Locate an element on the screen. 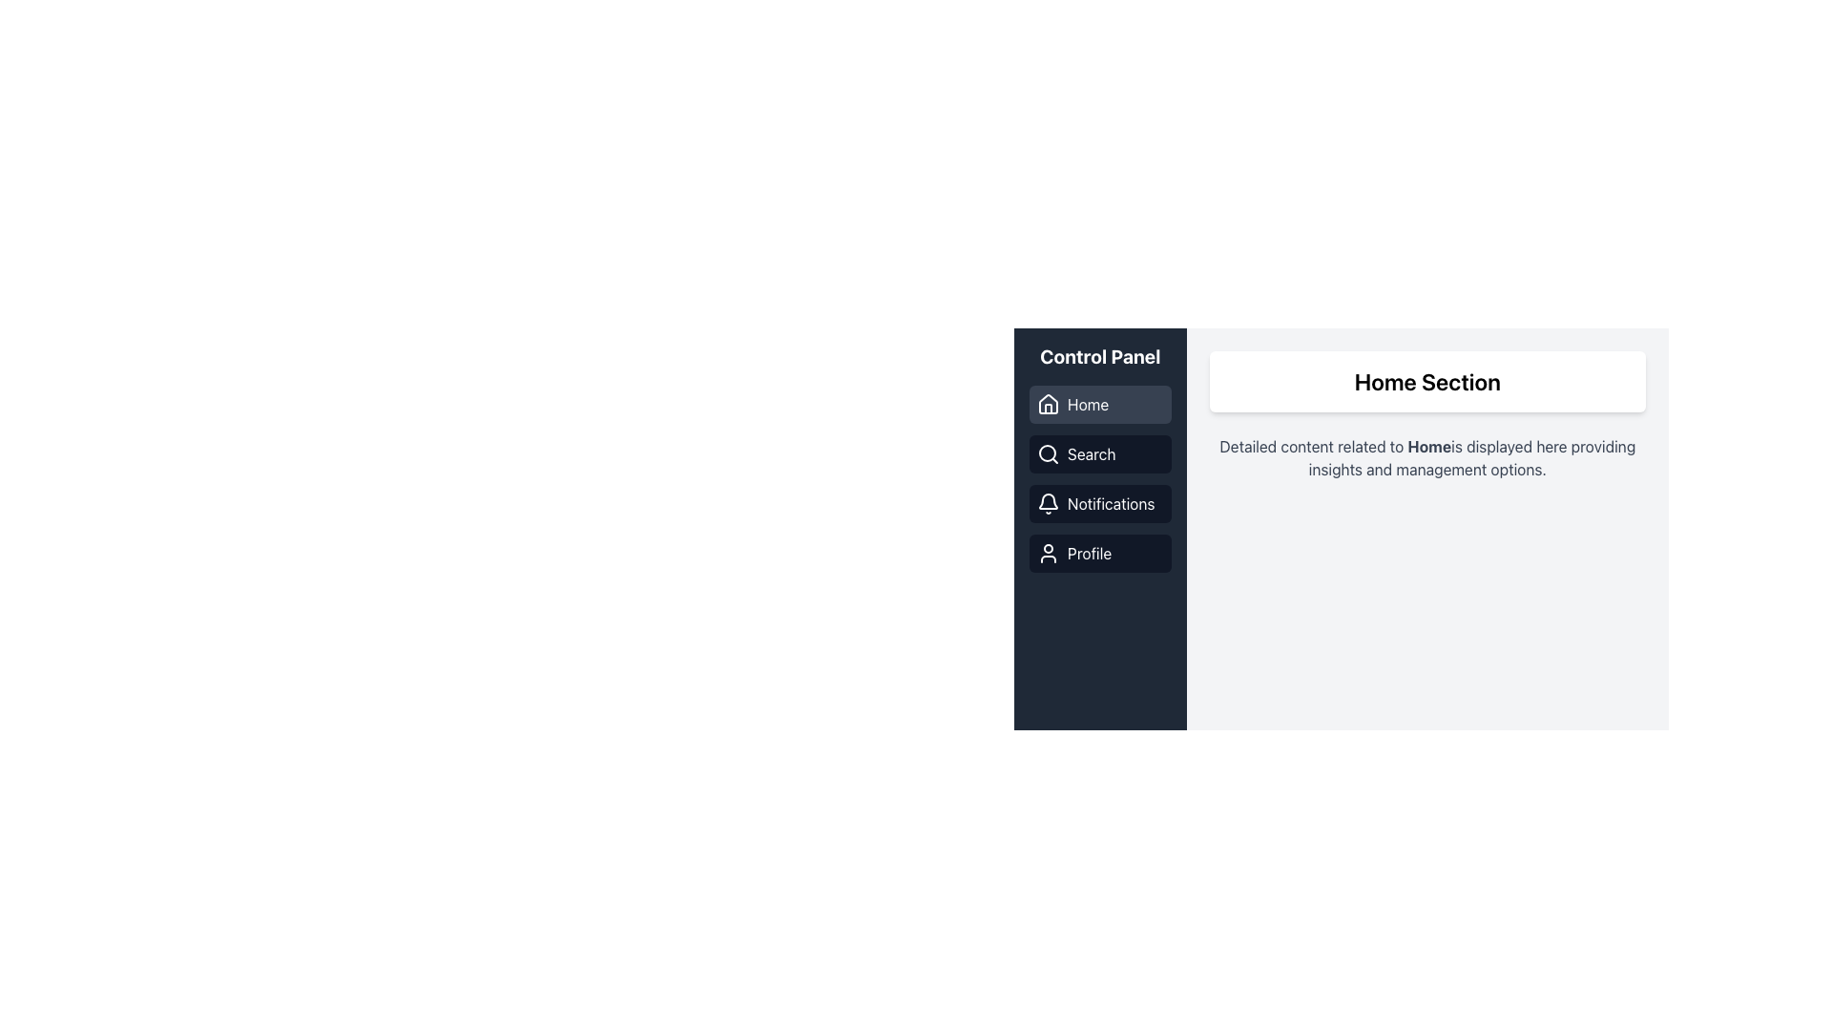 The width and height of the screenshot is (1832, 1031). the static text label that serves as a heading for the navigation panel, positioned at the top of the vertical navigation bar on the left side of the interface is located at coordinates (1100, 357).